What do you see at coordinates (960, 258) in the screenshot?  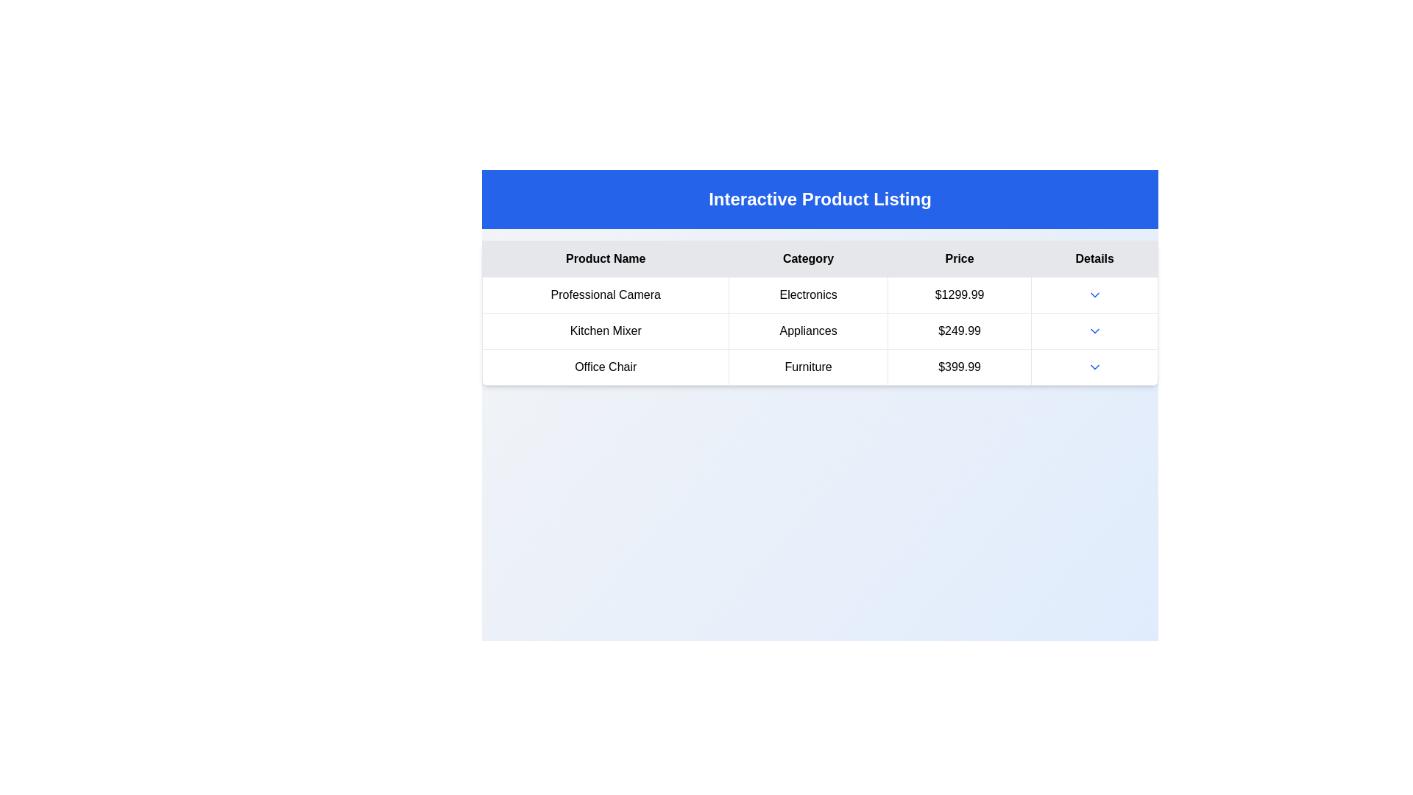 I see `the 'Price' column header label, which is the third column in the header row of the table` at bounding box center [960, 258].